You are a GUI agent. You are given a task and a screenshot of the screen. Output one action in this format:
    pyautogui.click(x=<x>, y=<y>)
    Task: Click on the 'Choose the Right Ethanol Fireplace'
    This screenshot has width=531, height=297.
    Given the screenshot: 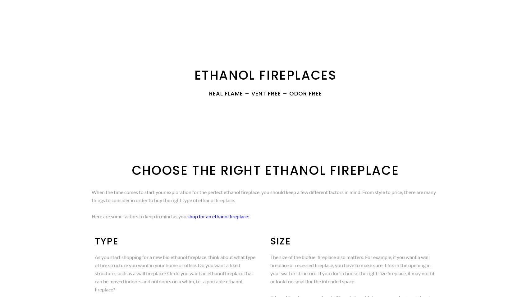 What is the action you would take?
    pyautogui.click(x=265, y=170)
    